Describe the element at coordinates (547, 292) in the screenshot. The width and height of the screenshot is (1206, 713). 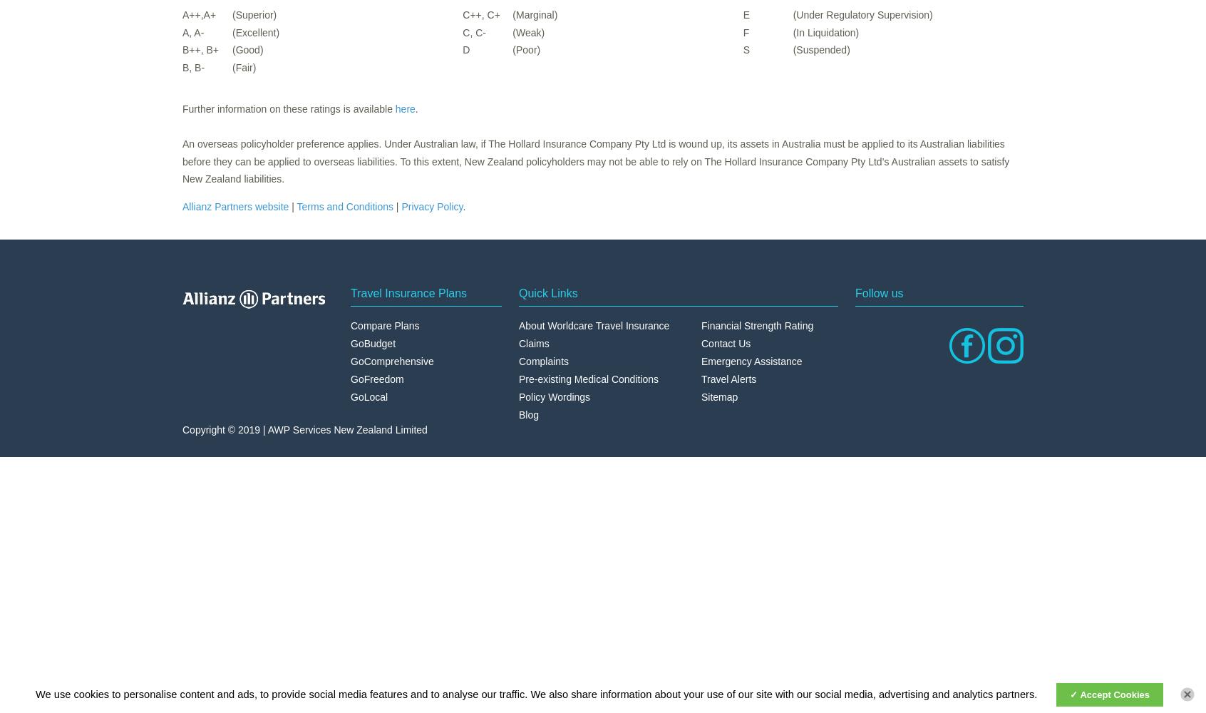
I see `'Quick Links'` at that location.